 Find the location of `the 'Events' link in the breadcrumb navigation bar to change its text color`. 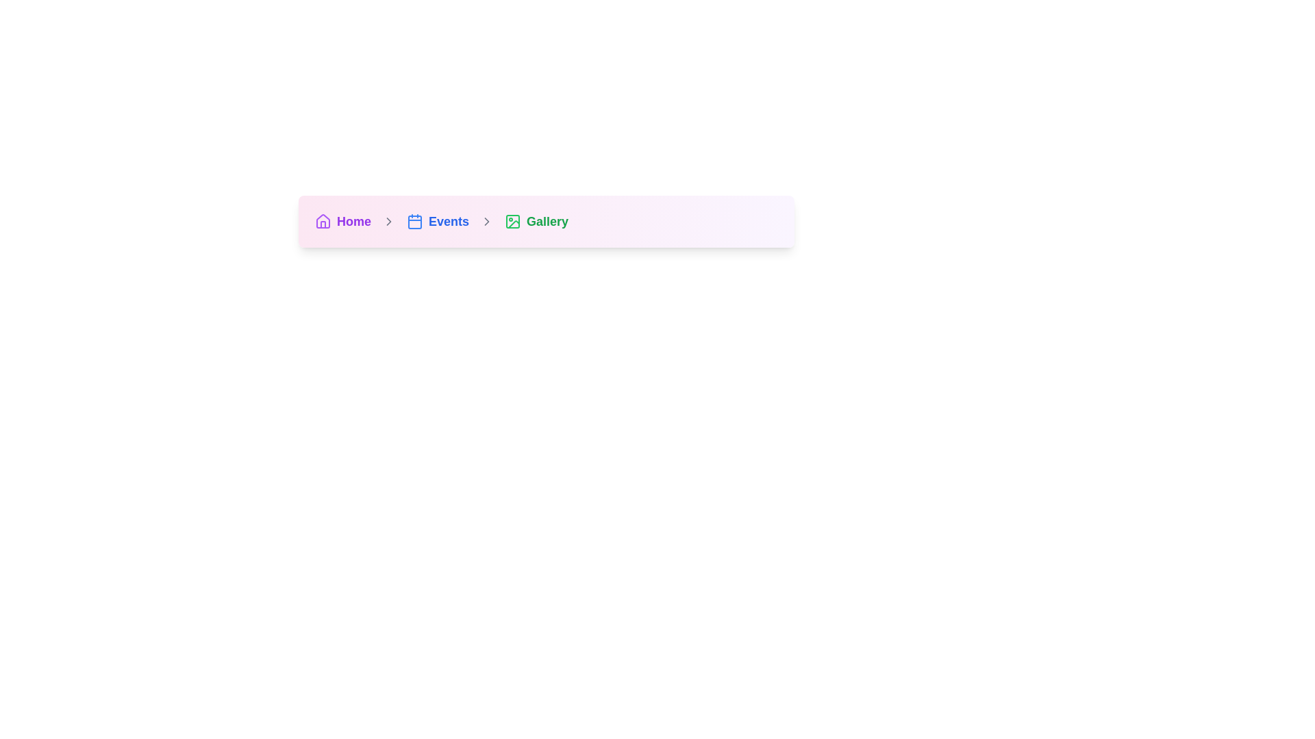

the 'Events' link in the breadcrumb navigation bar to change its text color is located at coordinates (449, 221).